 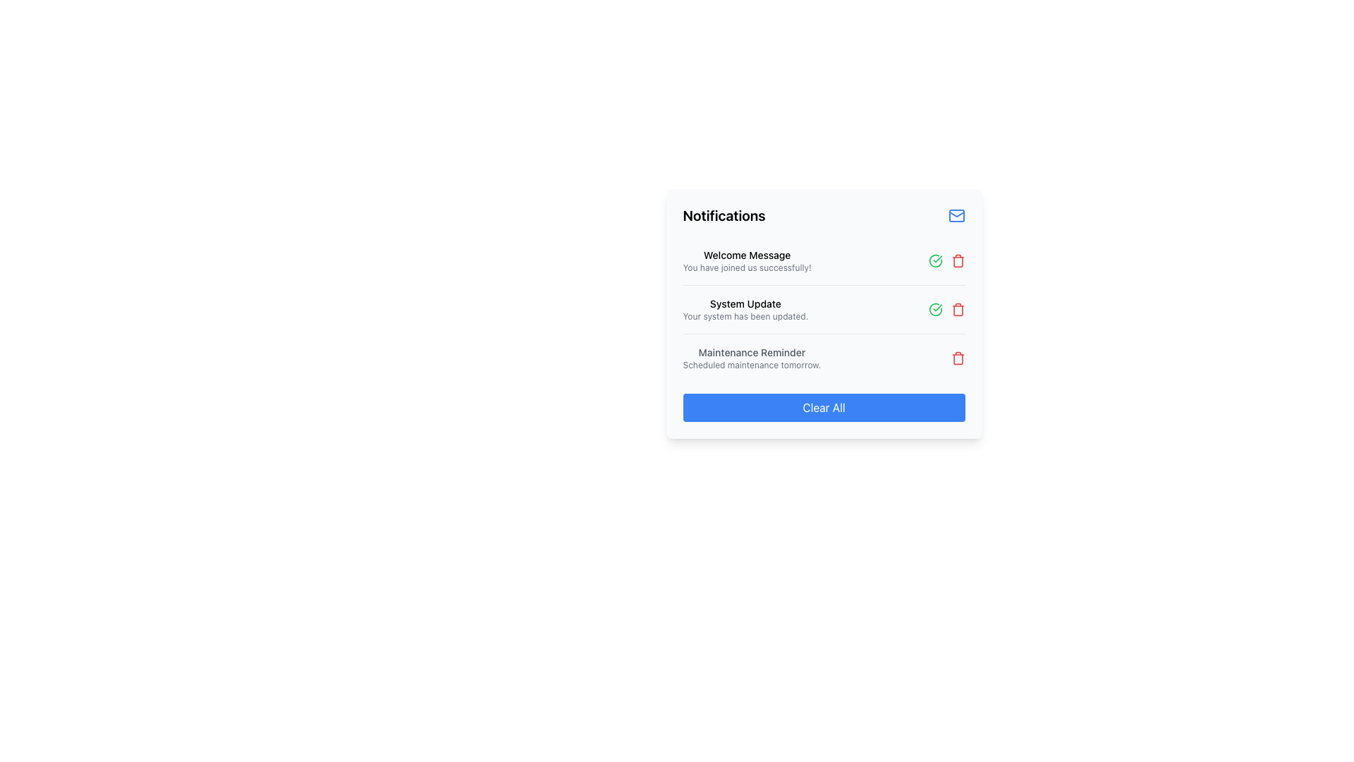 What do you see at coordinates (745, 309) in the screenshot?
I see `the 'System Update' notification text which contains the message 'Your system has been updated.'` at bounding box center [745, 309].